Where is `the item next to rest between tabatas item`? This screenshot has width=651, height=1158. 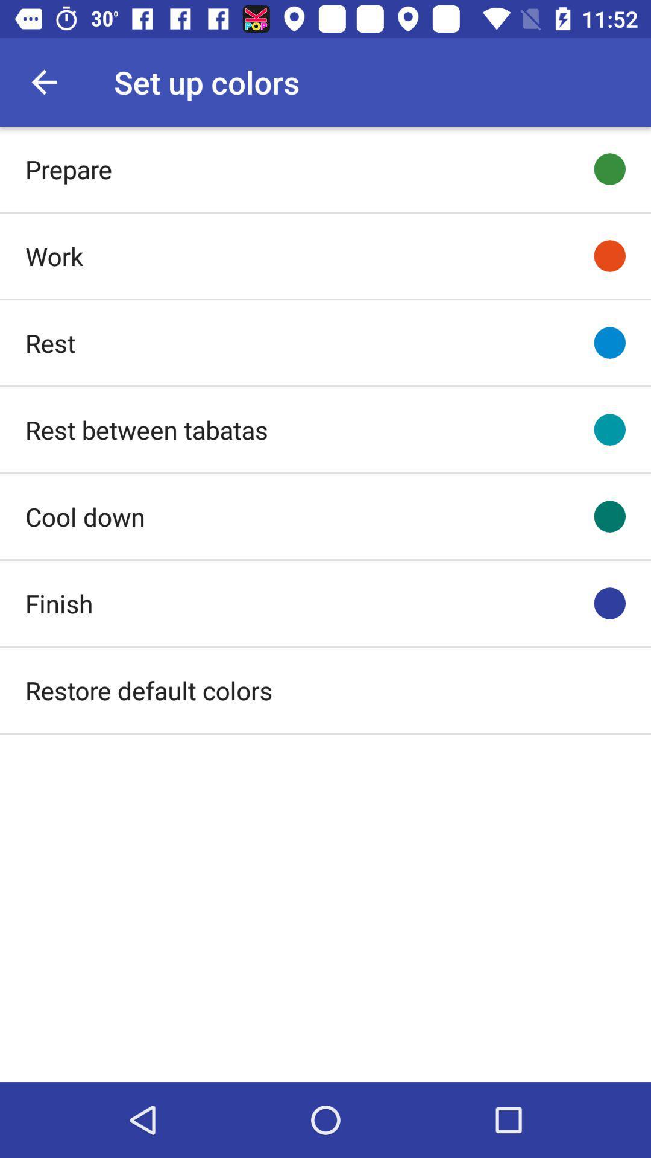
the item next to rest between tabatas item is located at coordinates (609, 429).